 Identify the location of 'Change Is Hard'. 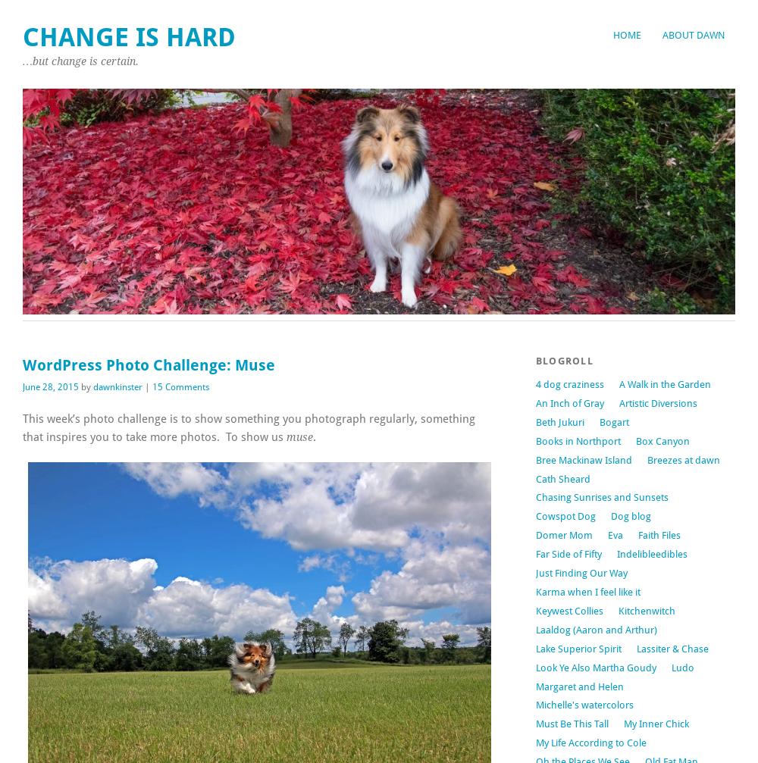
(129, 37).